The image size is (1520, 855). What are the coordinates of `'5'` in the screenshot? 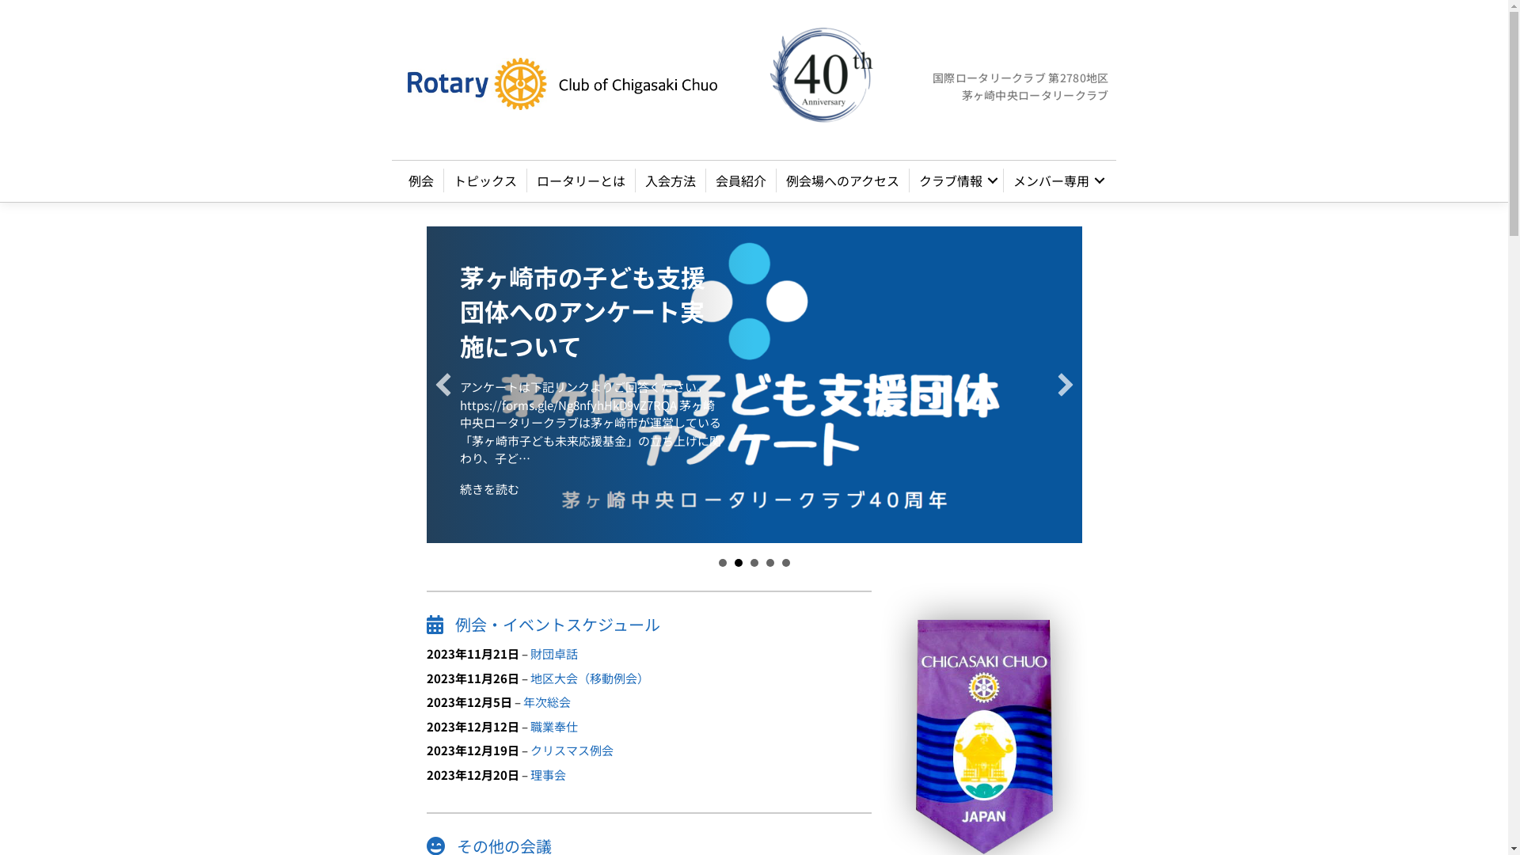 It's located at (782, 561).